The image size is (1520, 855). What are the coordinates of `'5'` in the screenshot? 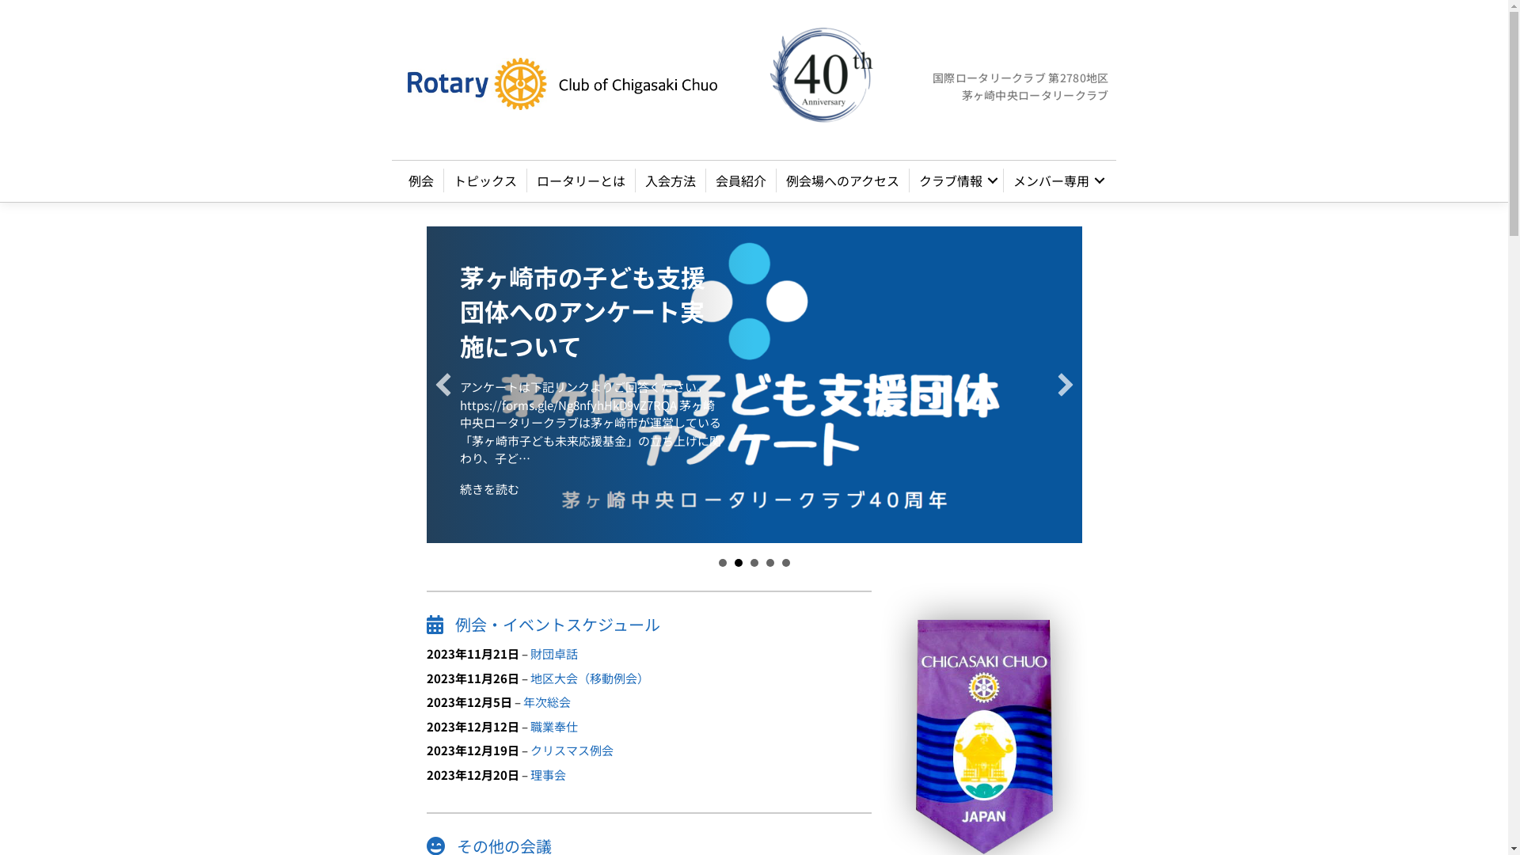 It's located at (782, 561).